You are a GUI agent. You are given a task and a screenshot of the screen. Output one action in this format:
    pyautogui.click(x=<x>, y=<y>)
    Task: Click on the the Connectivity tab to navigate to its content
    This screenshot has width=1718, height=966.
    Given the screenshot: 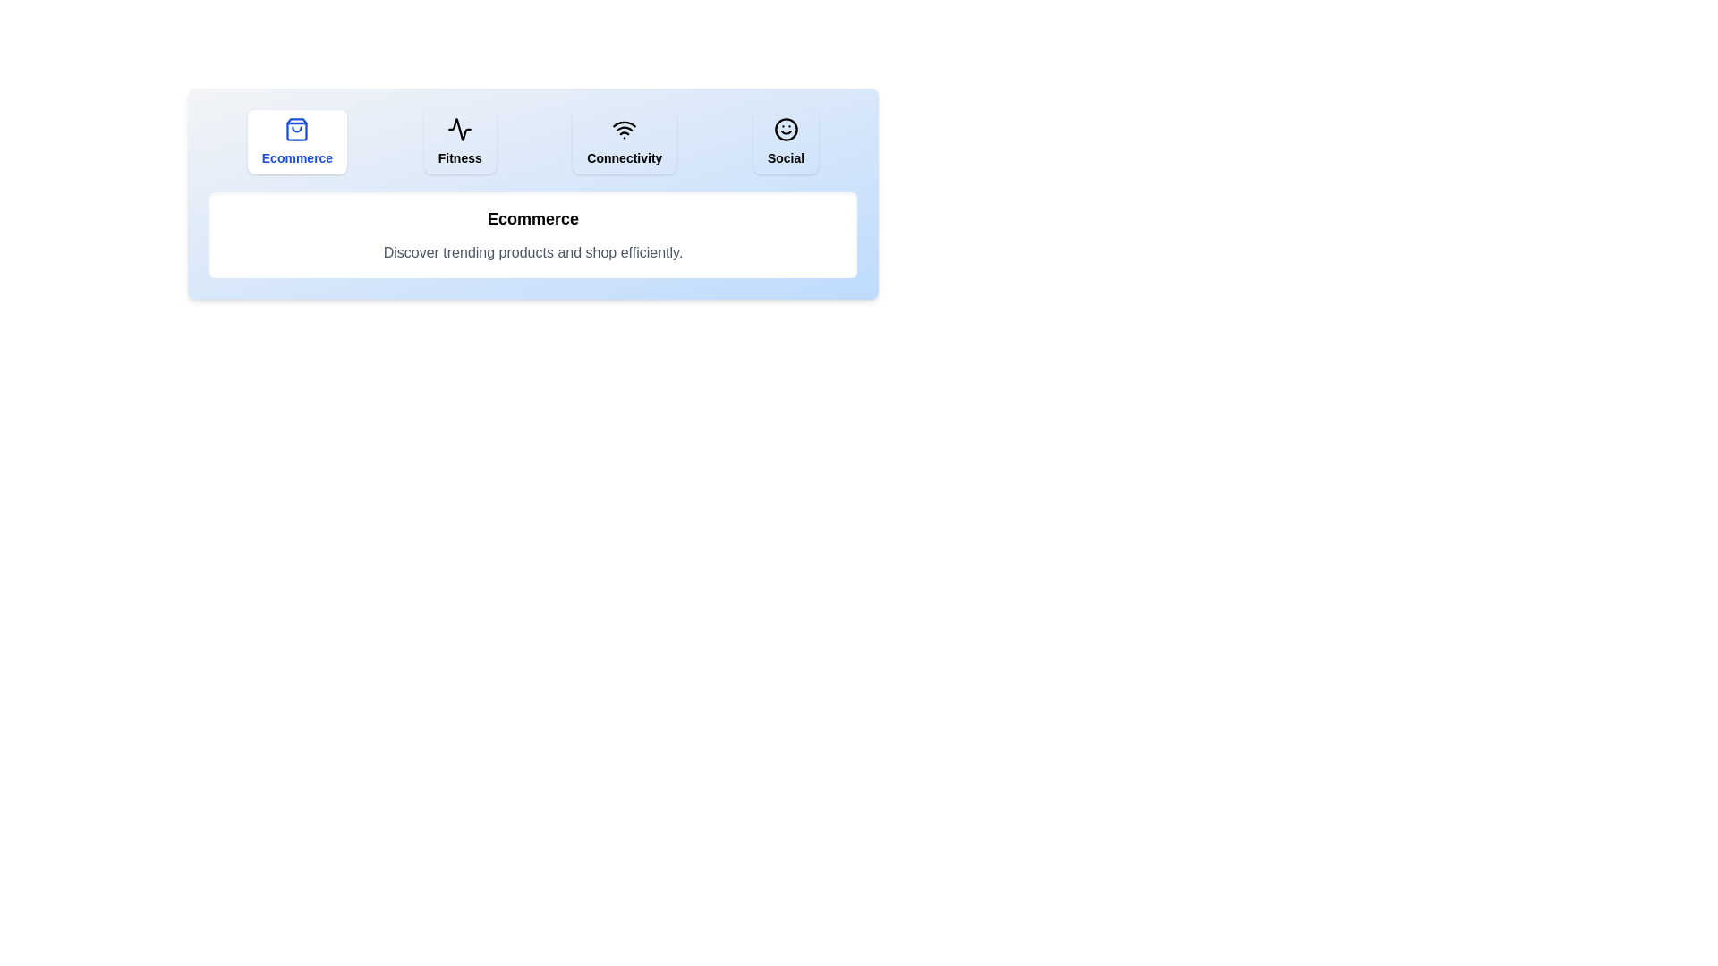 What is the action you would take?
    pyautogui.click(x=624, y=140)
    